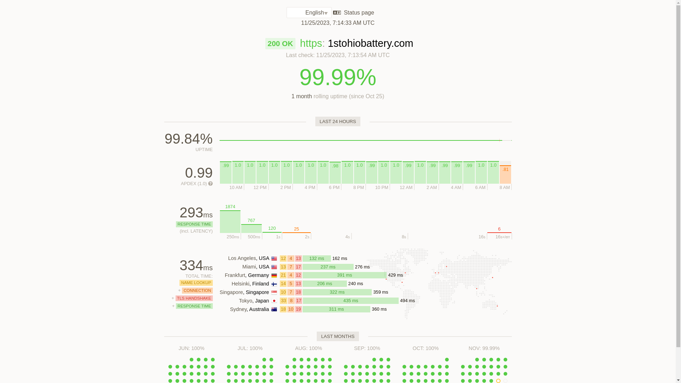 The height and width of the screenshot is (383, 681). Describe the element at coordinates (330, 366) in the screenshot. I see `'<small>Aug 13:</small> No downtime'` at that location.